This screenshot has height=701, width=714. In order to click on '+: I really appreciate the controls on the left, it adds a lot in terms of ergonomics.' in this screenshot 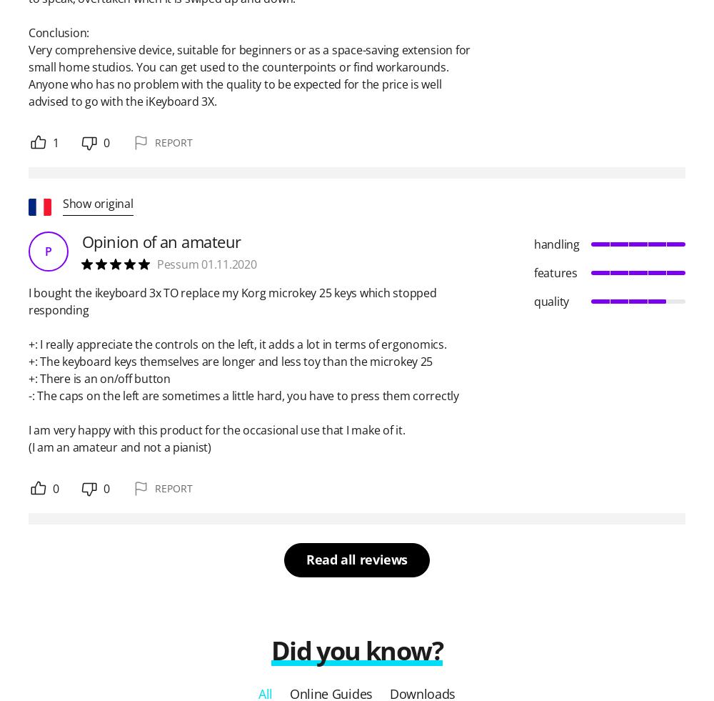, I will do `click(236, 343)`.